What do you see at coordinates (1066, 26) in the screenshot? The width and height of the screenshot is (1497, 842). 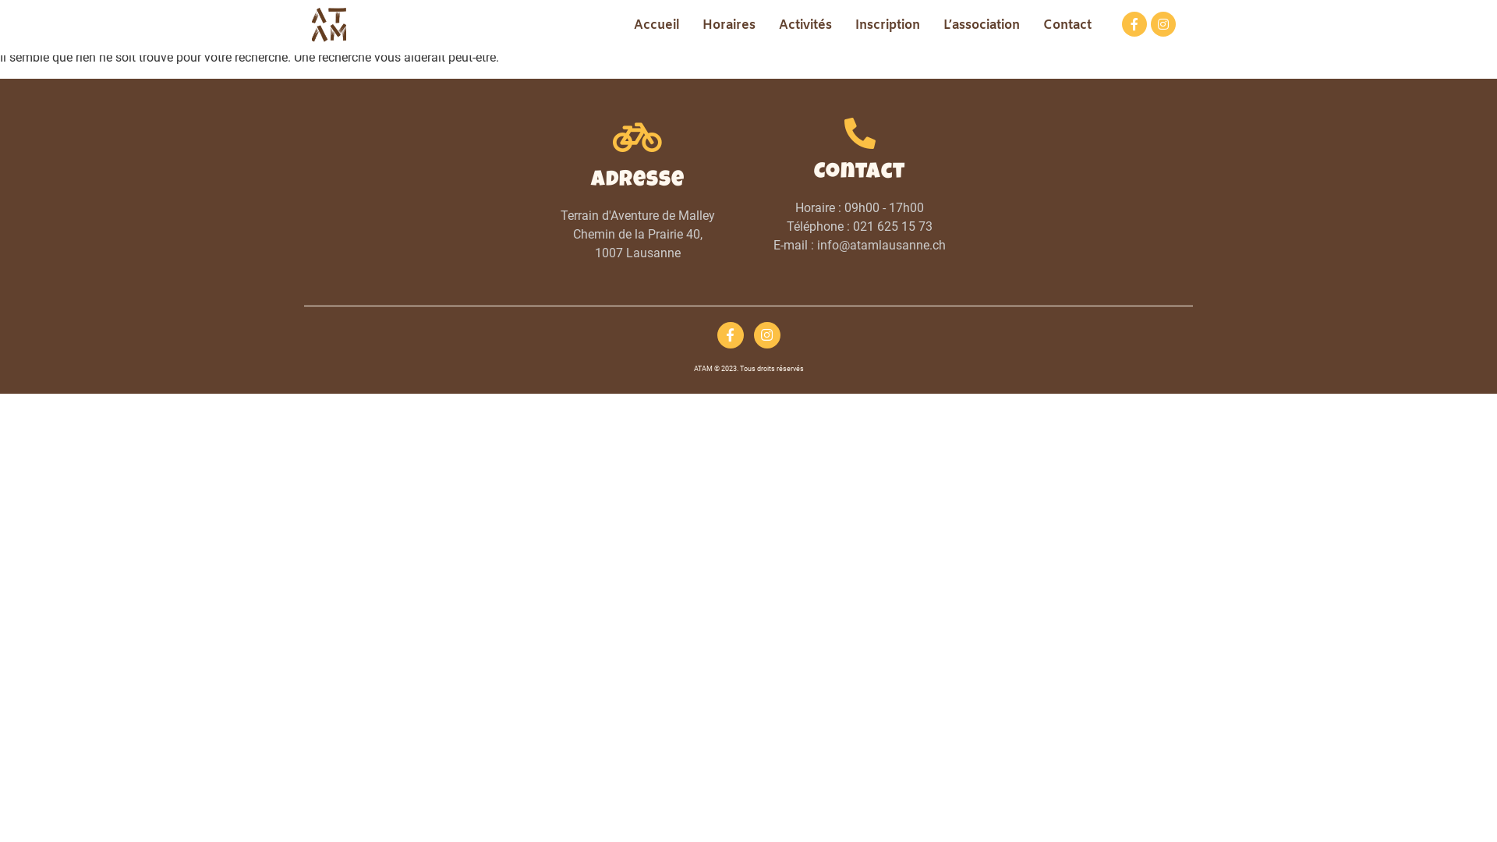 I see `'Contact'` at bounding box center [1066, 26].